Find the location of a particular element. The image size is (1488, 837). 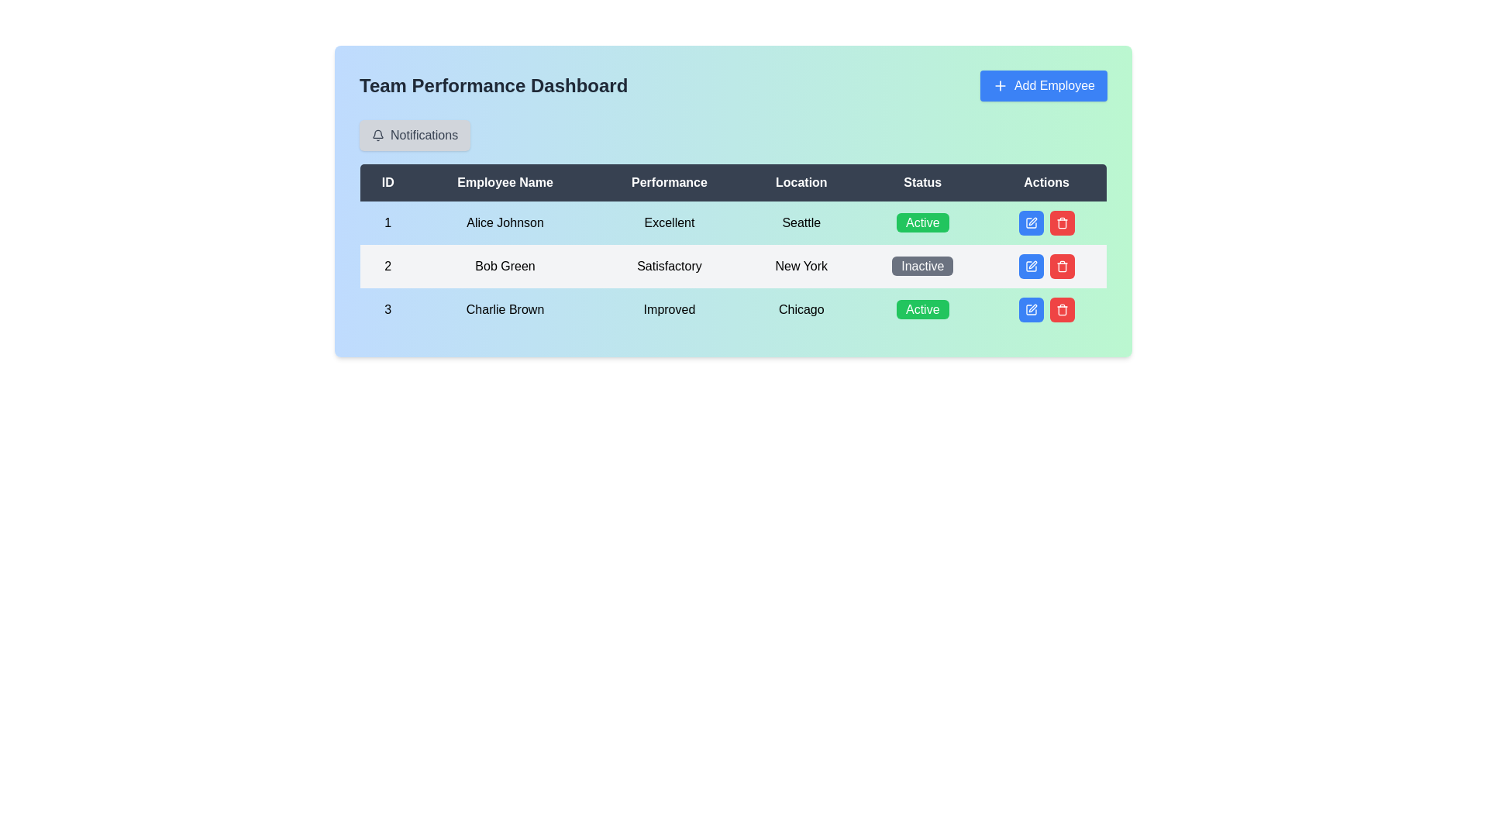

the leftmost geometric icon in the actions column of the second row, which resembles a square outline with a stroke-based design is located at coordinates (1031, 310).